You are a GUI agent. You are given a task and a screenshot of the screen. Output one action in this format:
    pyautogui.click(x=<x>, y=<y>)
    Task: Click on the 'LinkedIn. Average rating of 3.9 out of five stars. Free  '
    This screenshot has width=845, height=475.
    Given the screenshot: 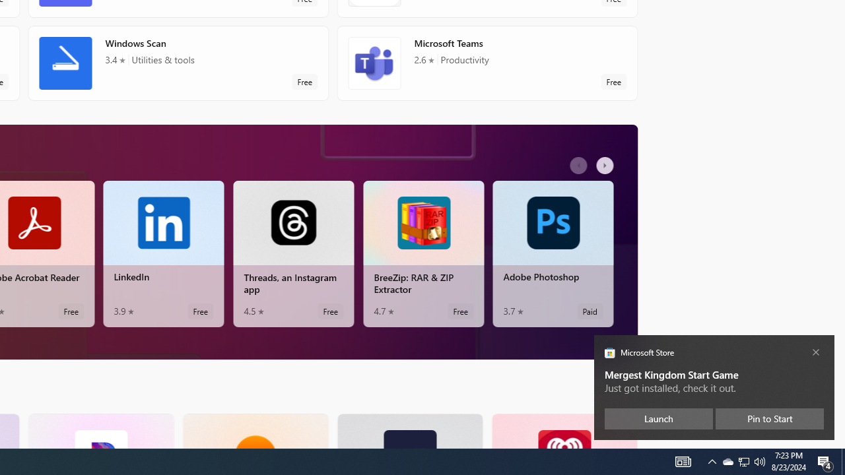 What is the action you would take?
    pyautogui.click(x=162, y=253)
    